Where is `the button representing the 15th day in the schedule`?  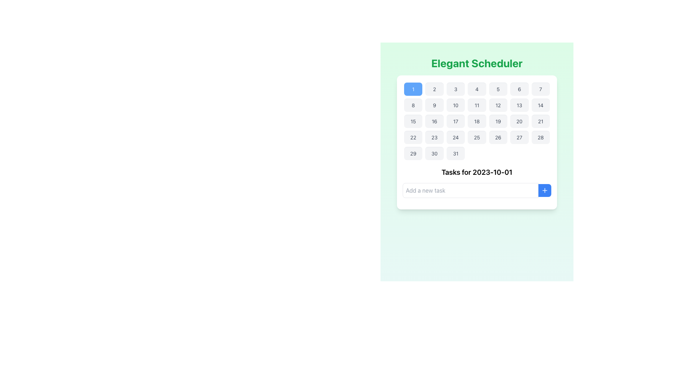
the button representing the 15th day in the schedule is located at coordinates (413, 121).